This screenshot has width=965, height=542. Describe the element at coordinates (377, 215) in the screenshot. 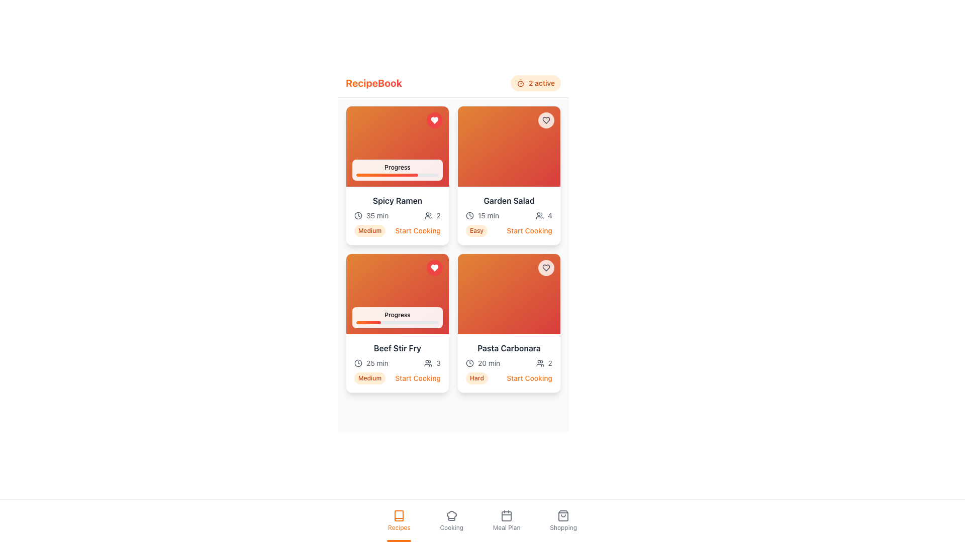

I see `the label that displays the estimated time for the recipe within the 'Spicy Ramen' card, located under the 'Progress' bar in a grid layout` at that location.